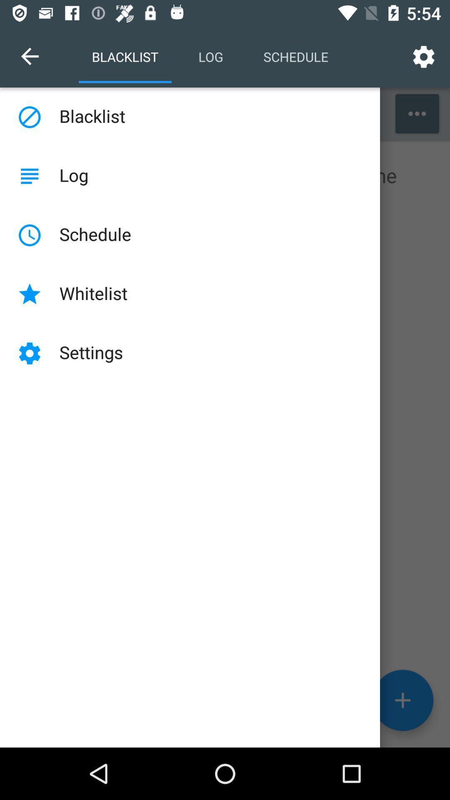  What do you see at coordinates (417, 113) in the screenshot?
I see `the more icon` at bounding box center [417, 113].